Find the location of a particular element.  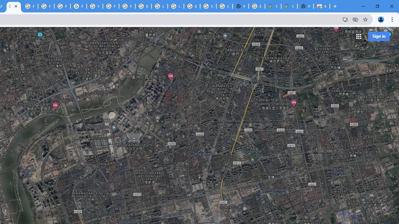

'YouTube' is located at coordinates (94, 6).